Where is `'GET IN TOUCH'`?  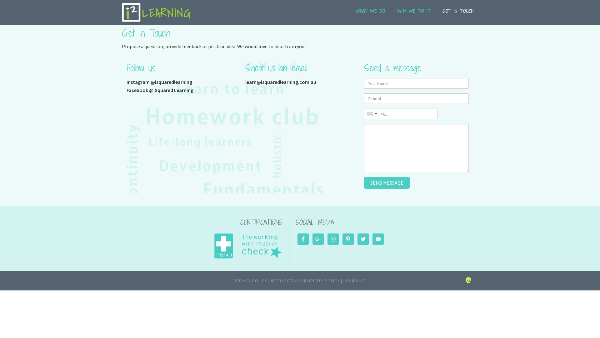 'GET IN TOUCH' is located at coordinates (458, 14).